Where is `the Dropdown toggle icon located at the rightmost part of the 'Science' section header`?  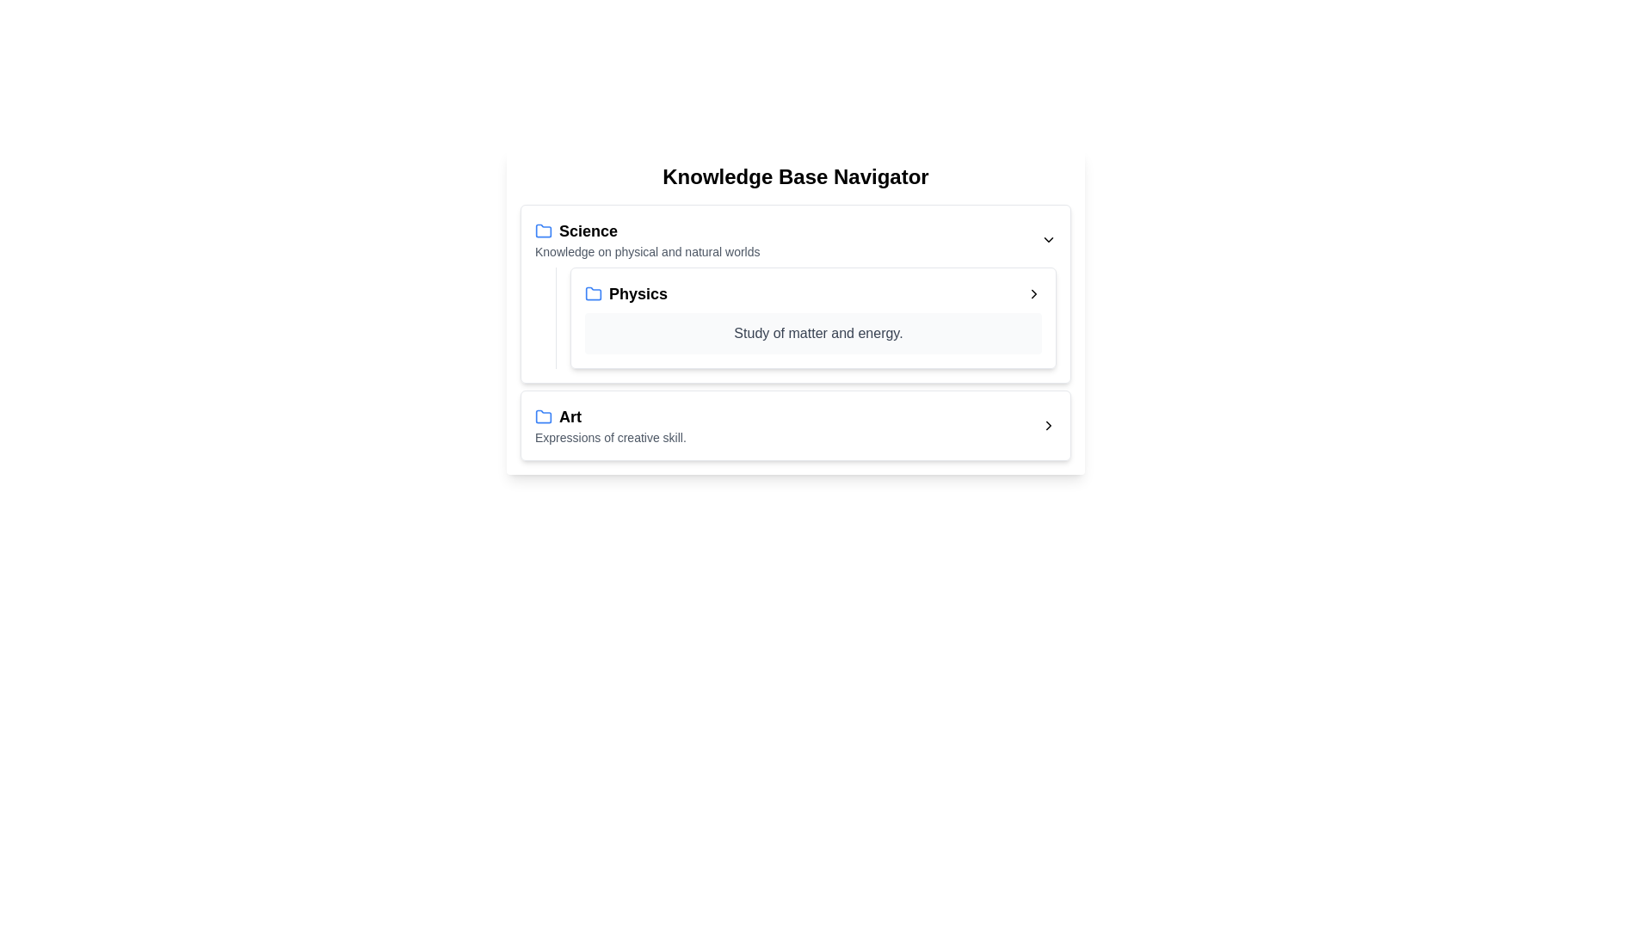 the Dropdown toggle icon located at the rightmost part of the 'Science' section header is located at coordinates (1048, 239).